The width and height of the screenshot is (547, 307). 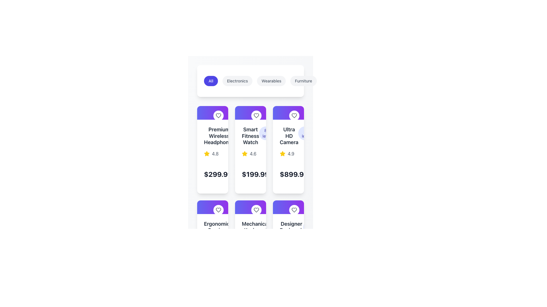 I want to click on the 'Ultra HD Camera' text label, so click(x=288, y=136).